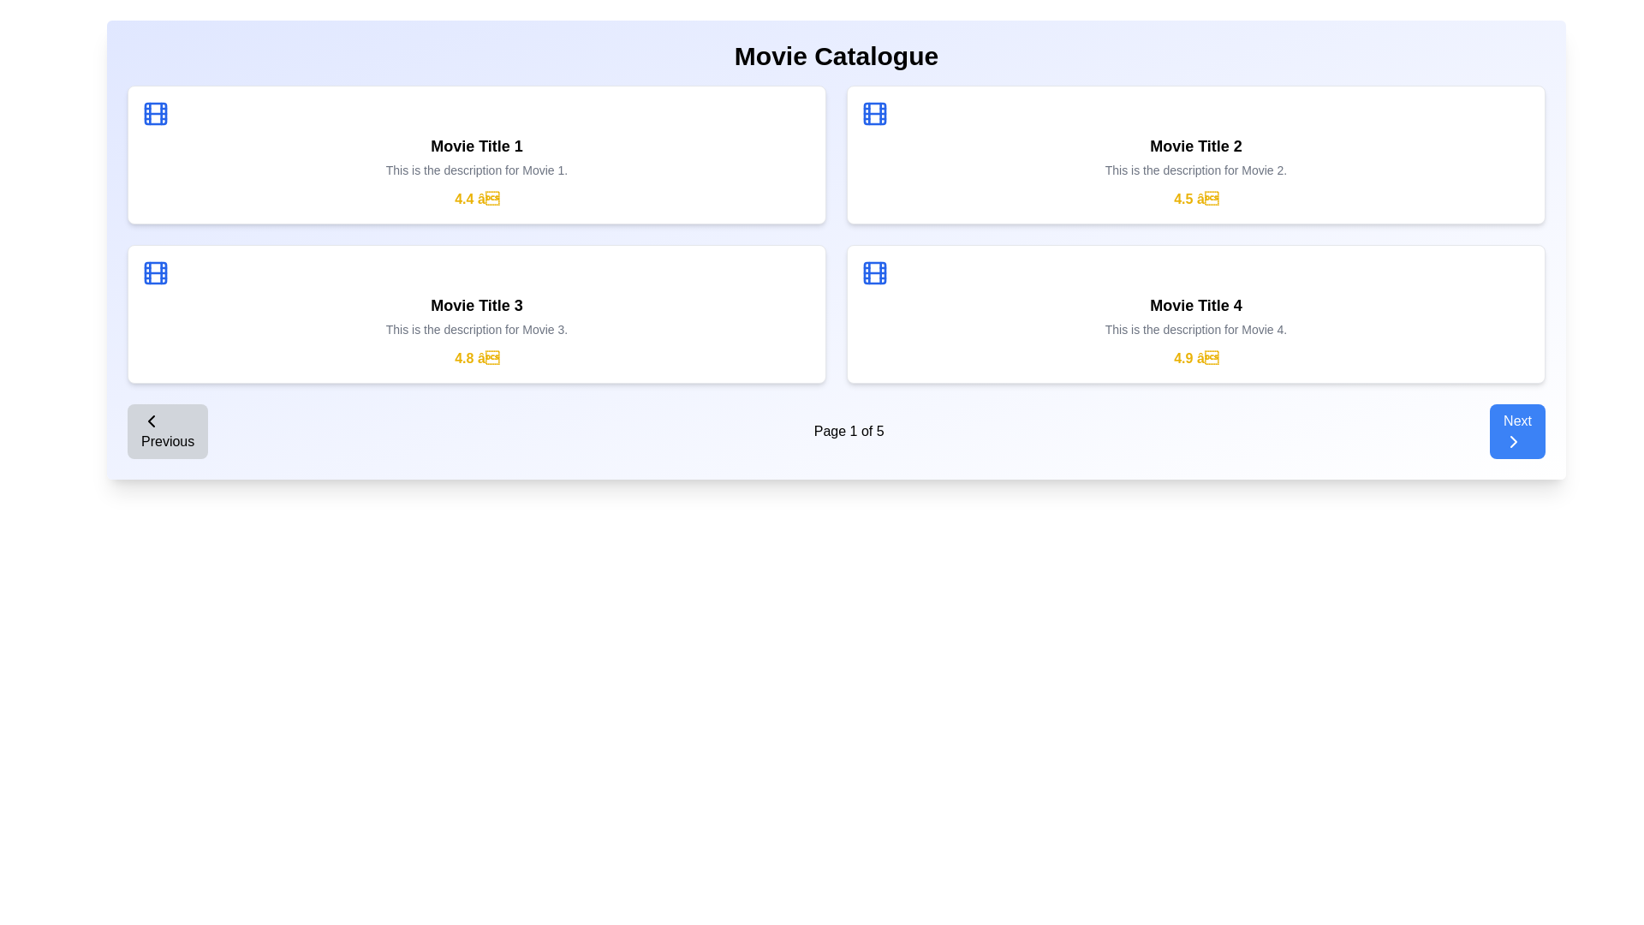 This screenshot has height=925, width=1644. What do you see at coordinates (476, 155) in the screenshot?
I see `the Content card element featuring a blue icon, bold title 'Movie Title 1', gray description, and a yellow rating section in a 2x2 grid layout` at bounding box center [476, 155].